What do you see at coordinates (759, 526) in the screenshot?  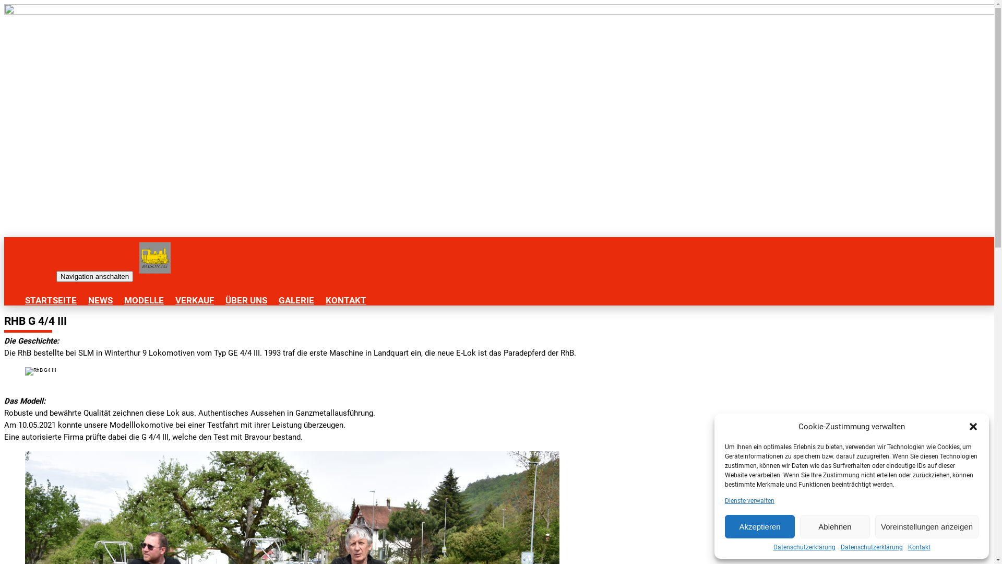 I see `'Akzeptieren'` at bounding box center [759, 526].